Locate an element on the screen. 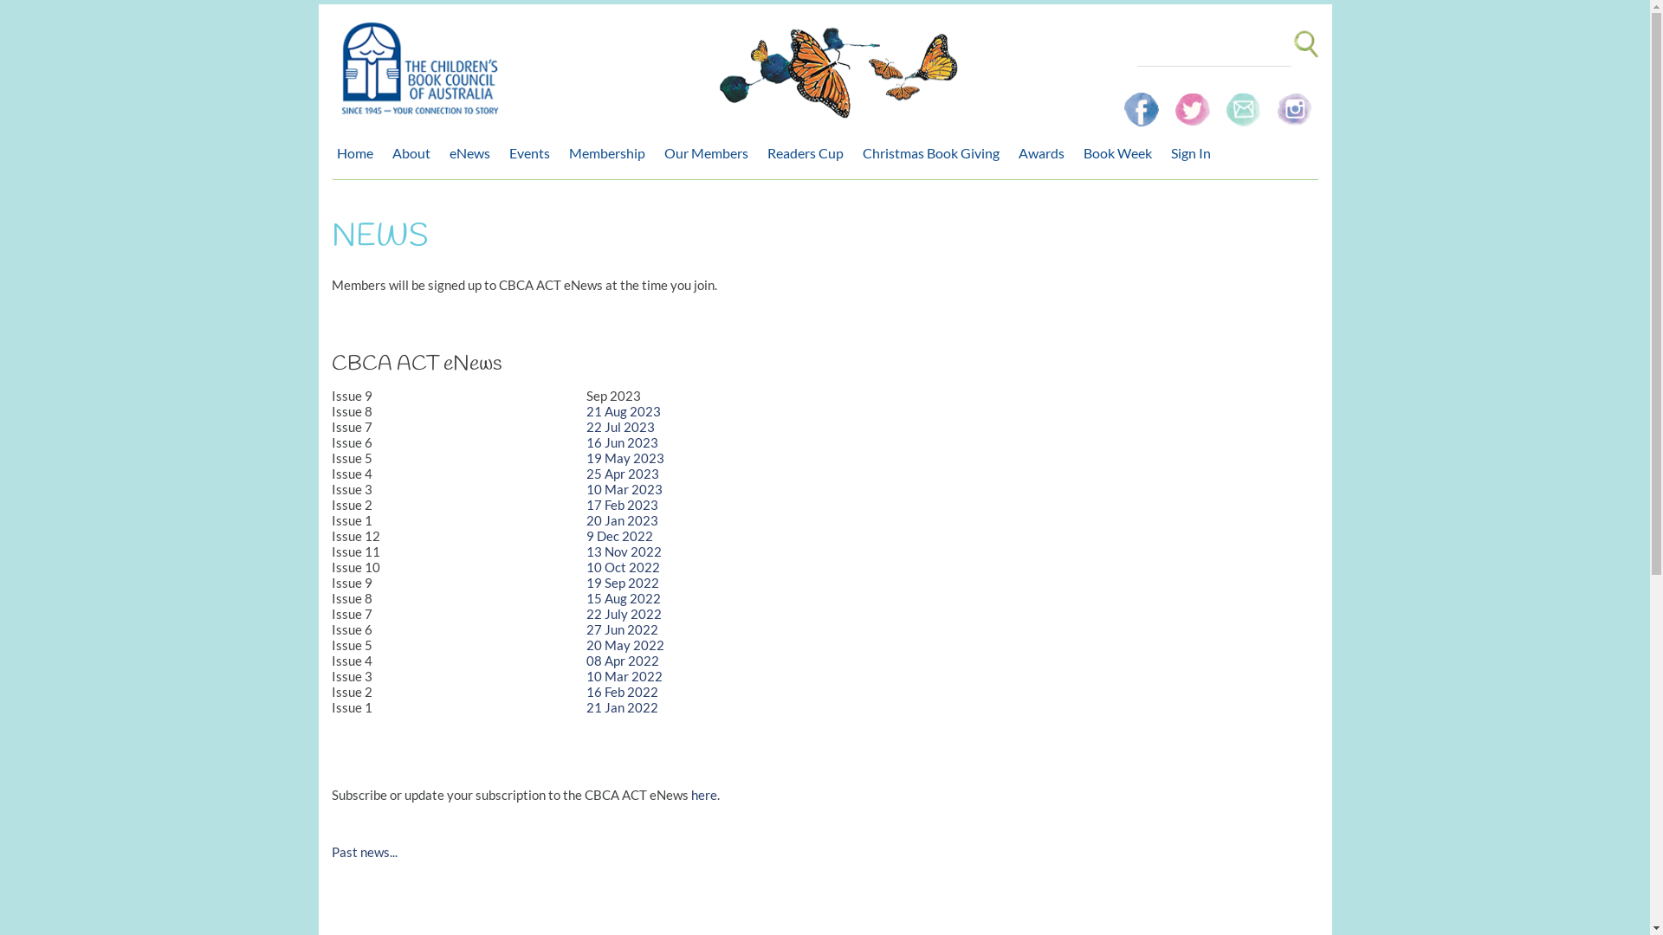 Image resolution: width=1663 pixels, height=935 pixels. 'Past news...' is located at coordinates (363, 850).